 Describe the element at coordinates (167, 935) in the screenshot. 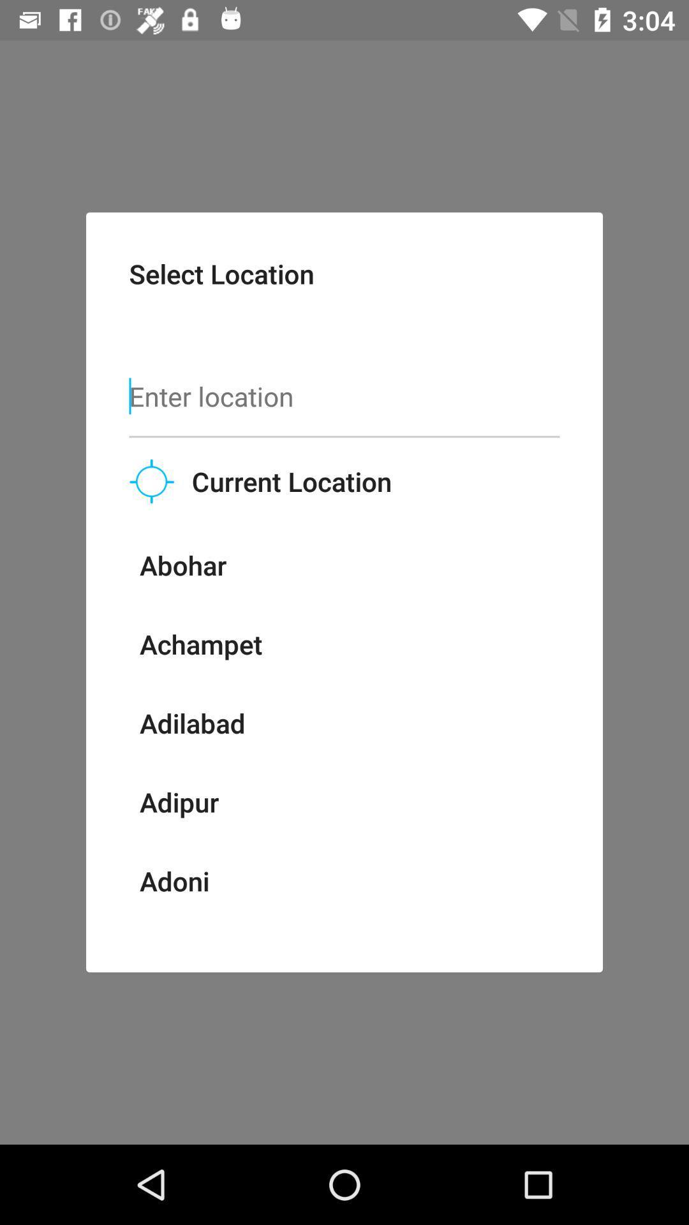

I see `the item below adoni` at that location.